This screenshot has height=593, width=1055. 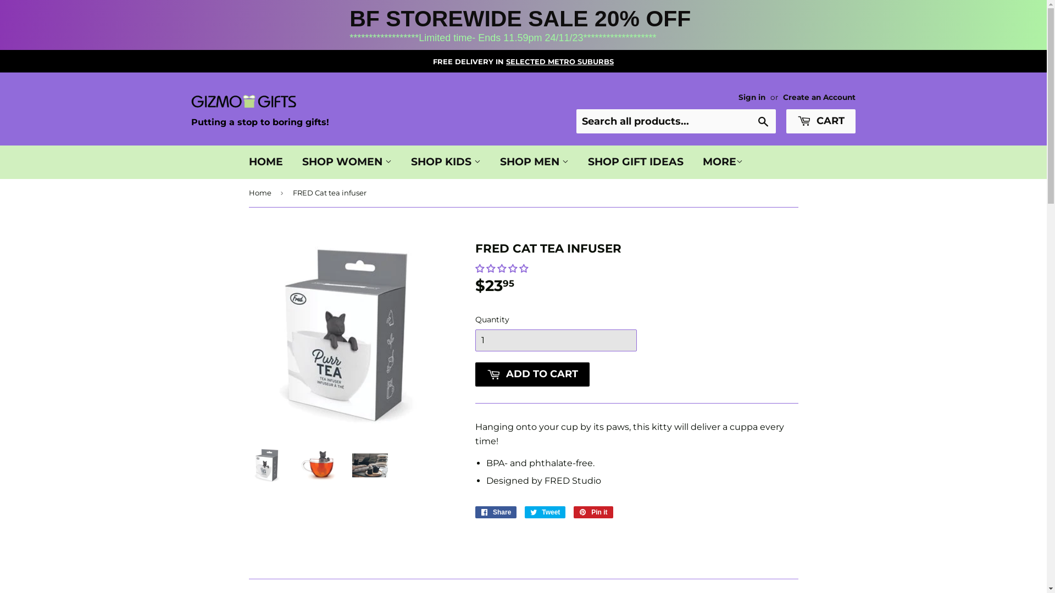 What do you see at coordinates (260, 192) in the screenshot?
I see `'Home'` at bounding box center [260, 192].